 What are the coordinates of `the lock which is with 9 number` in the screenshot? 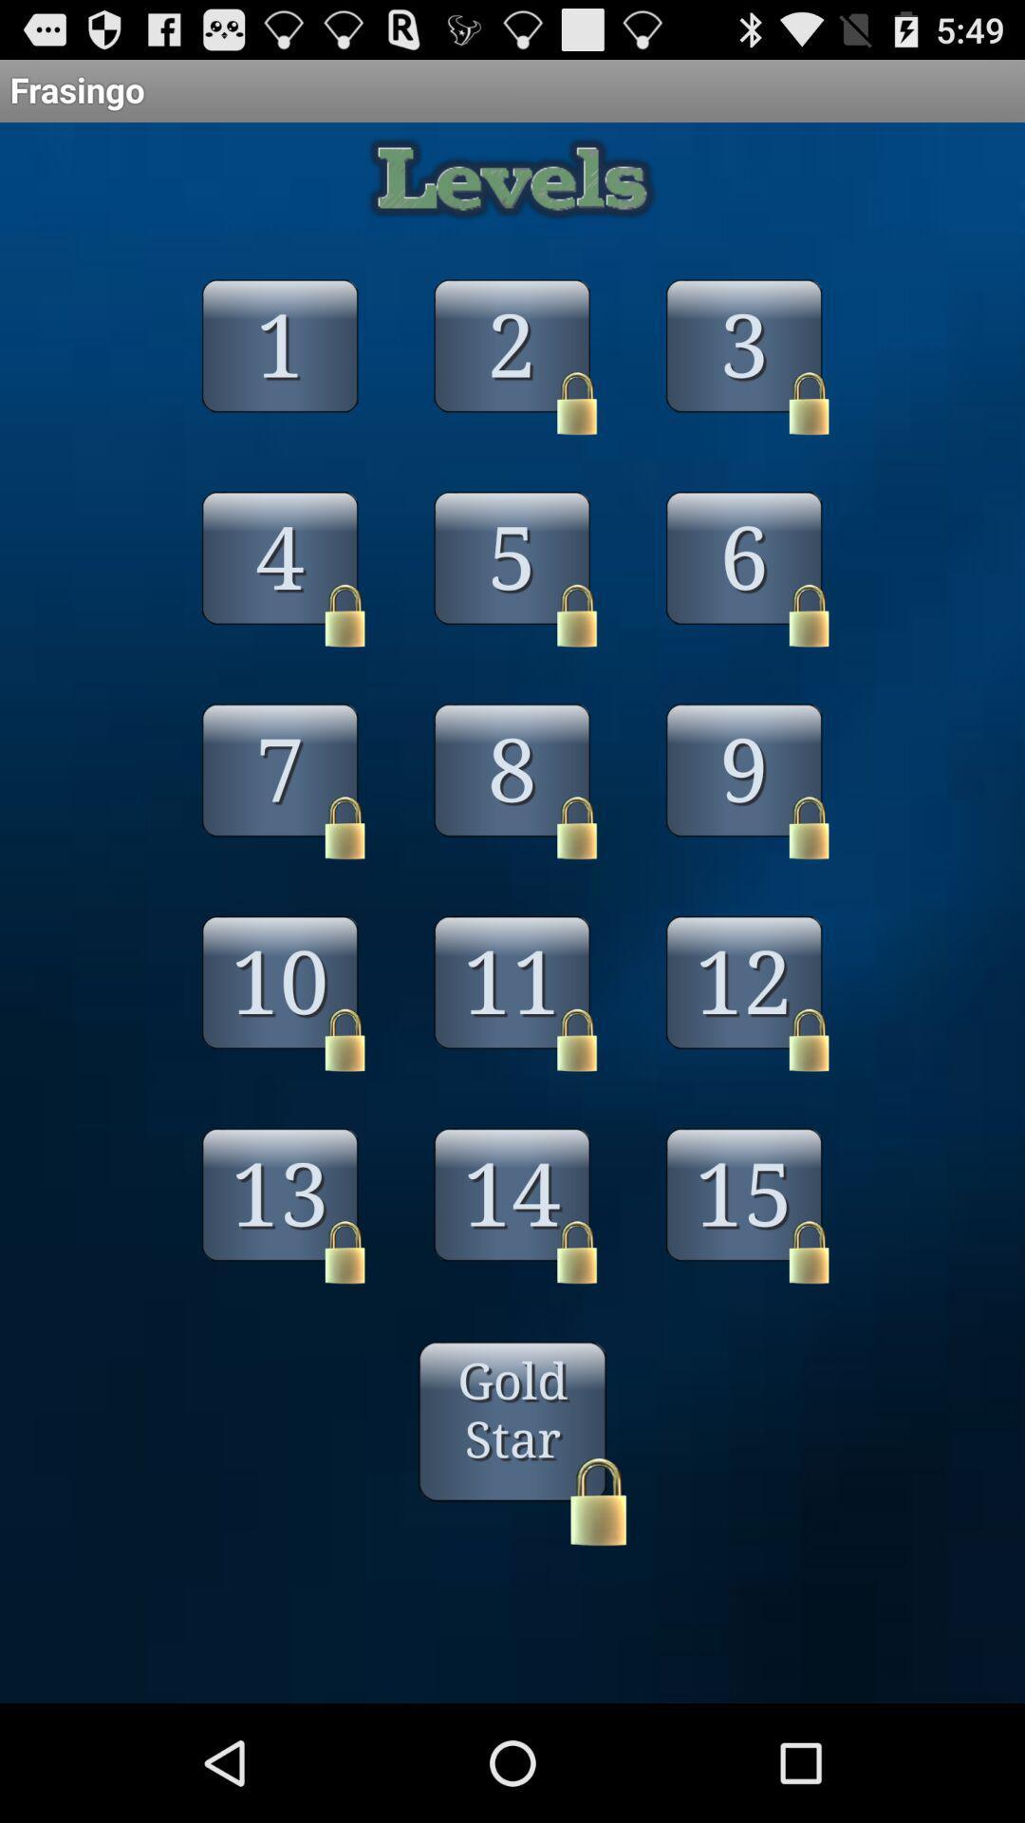 It's located at (809, 828).